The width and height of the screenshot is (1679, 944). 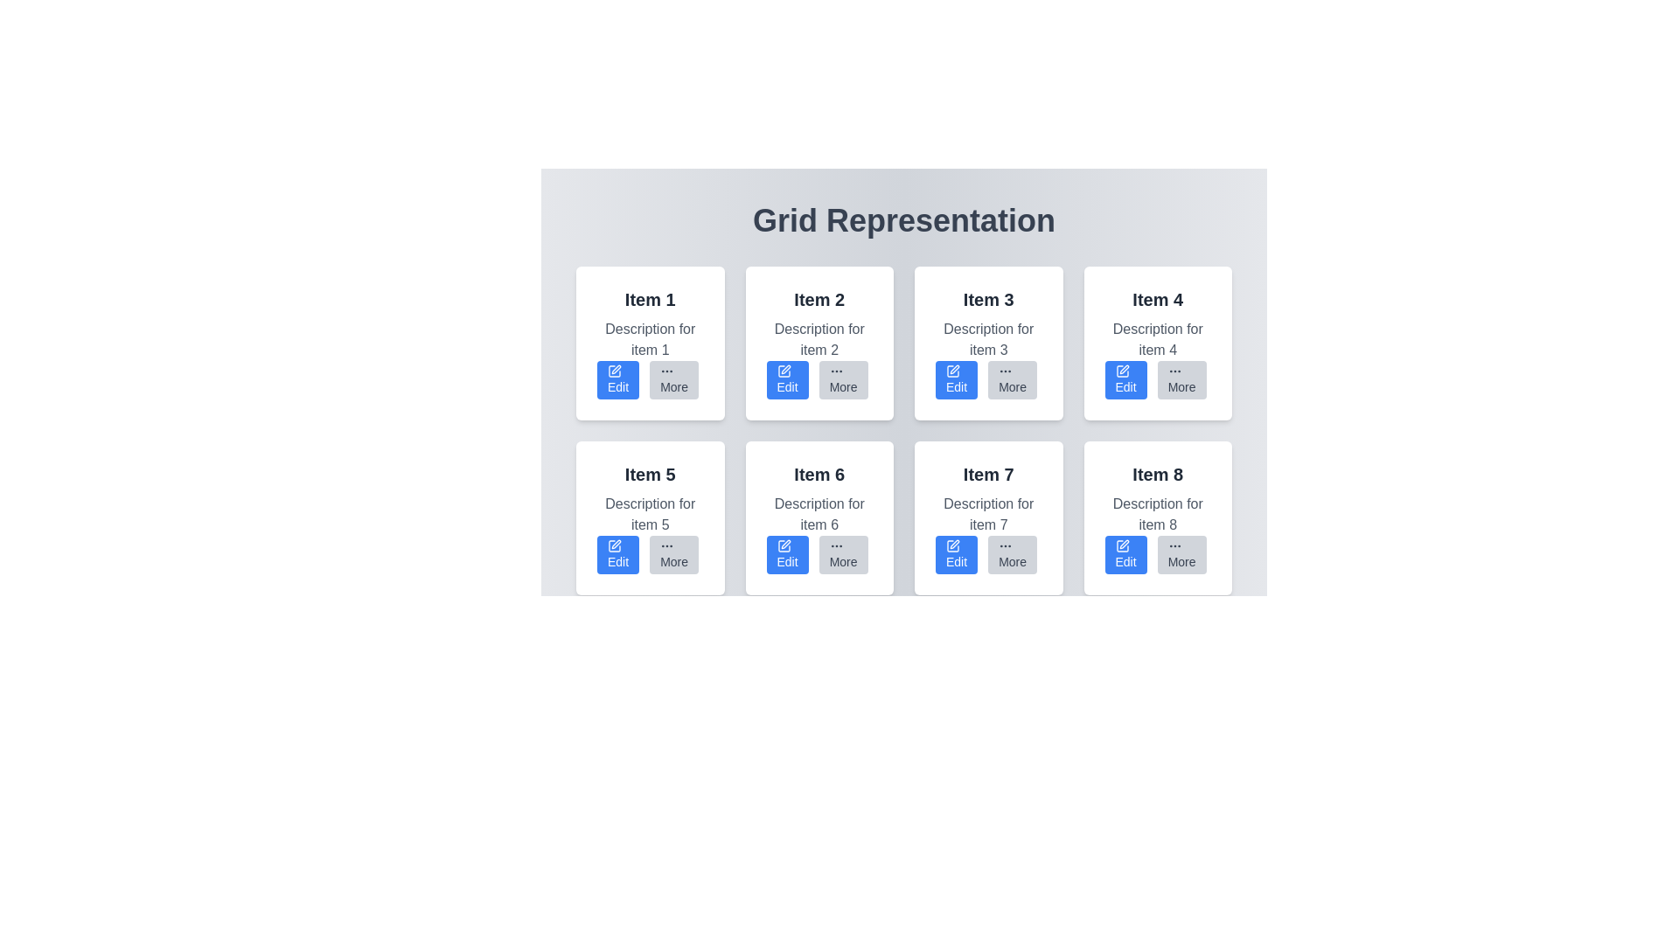 I want to click on the vertical ellipsis icon on the 'More' button located in the sixth card of the grid layout, so click(x=666, y=545).